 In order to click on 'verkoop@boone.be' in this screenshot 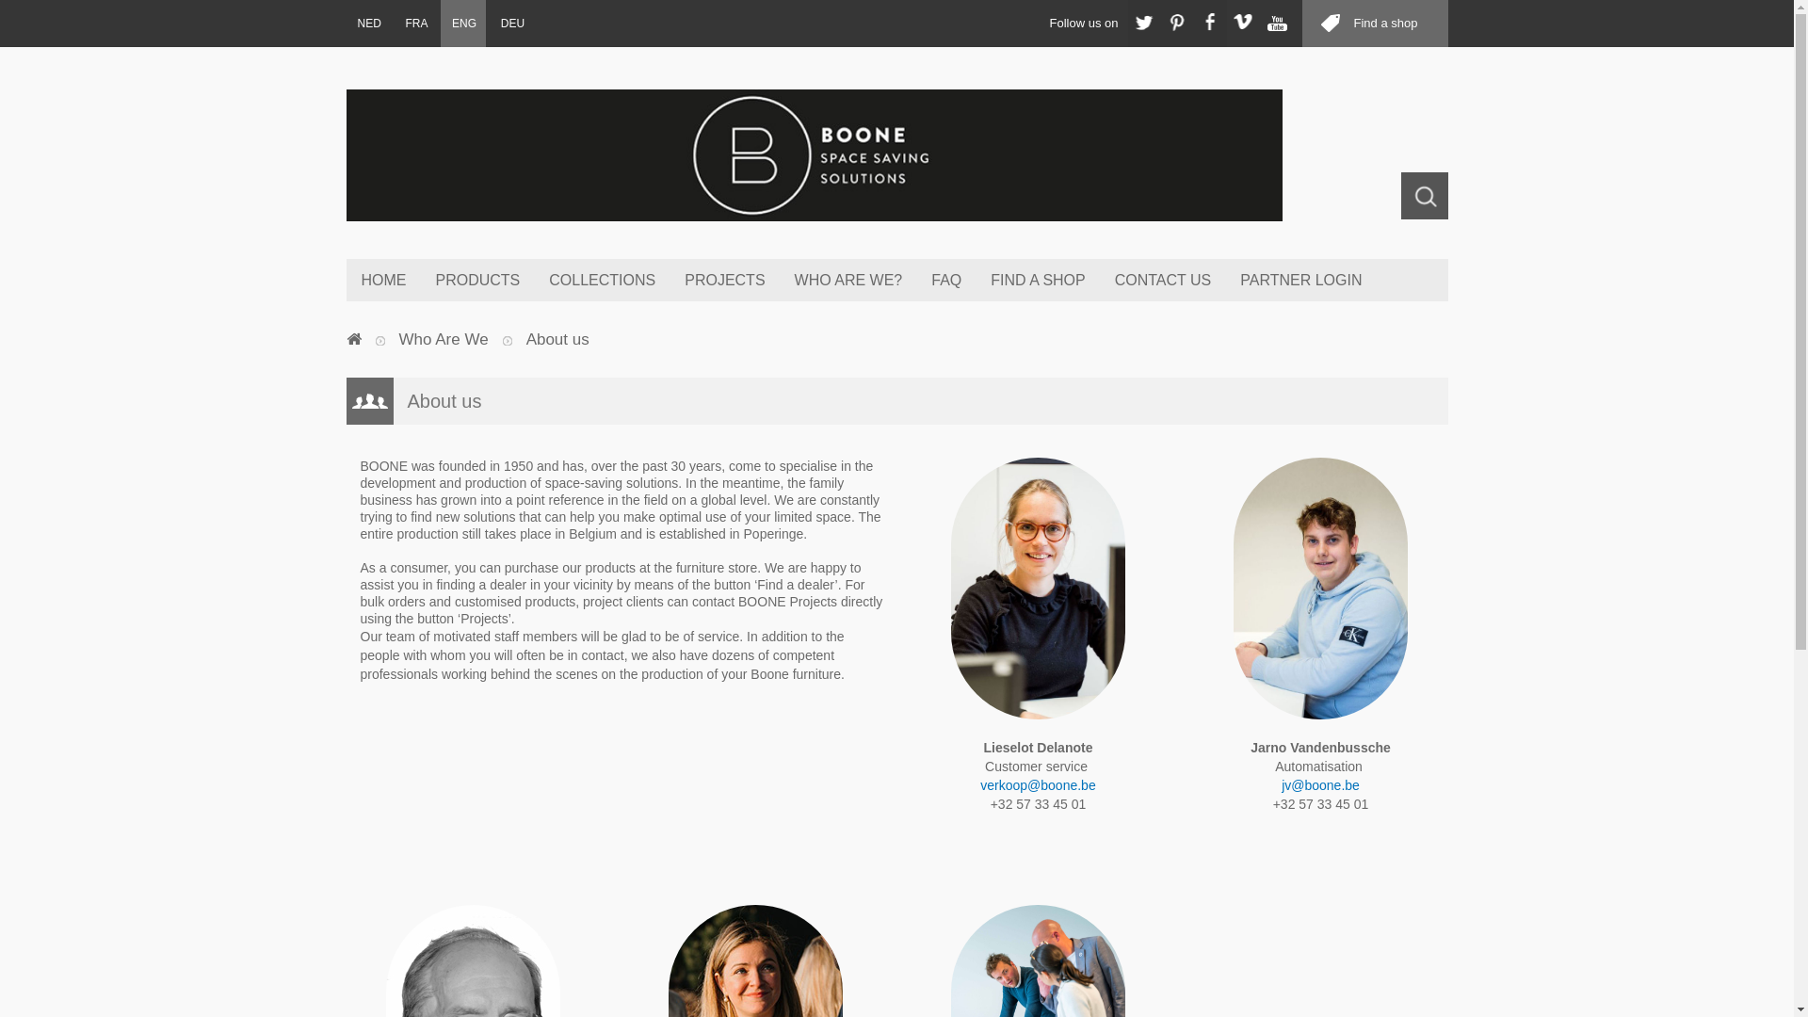, I will do `click(1037, 784)`.